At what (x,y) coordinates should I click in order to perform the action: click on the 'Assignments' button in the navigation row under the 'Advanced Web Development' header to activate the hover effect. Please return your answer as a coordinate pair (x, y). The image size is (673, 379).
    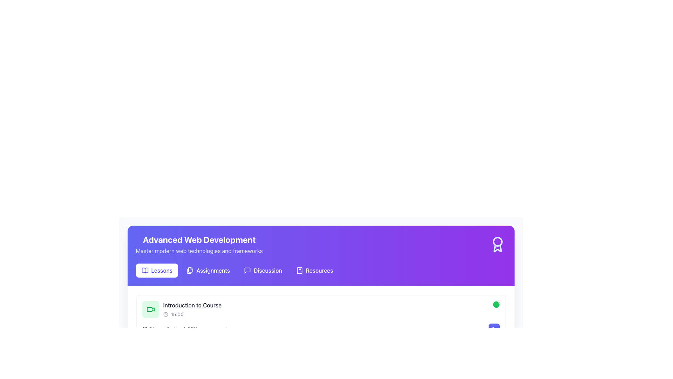
    Looking at the image, I should click on (208, 270).